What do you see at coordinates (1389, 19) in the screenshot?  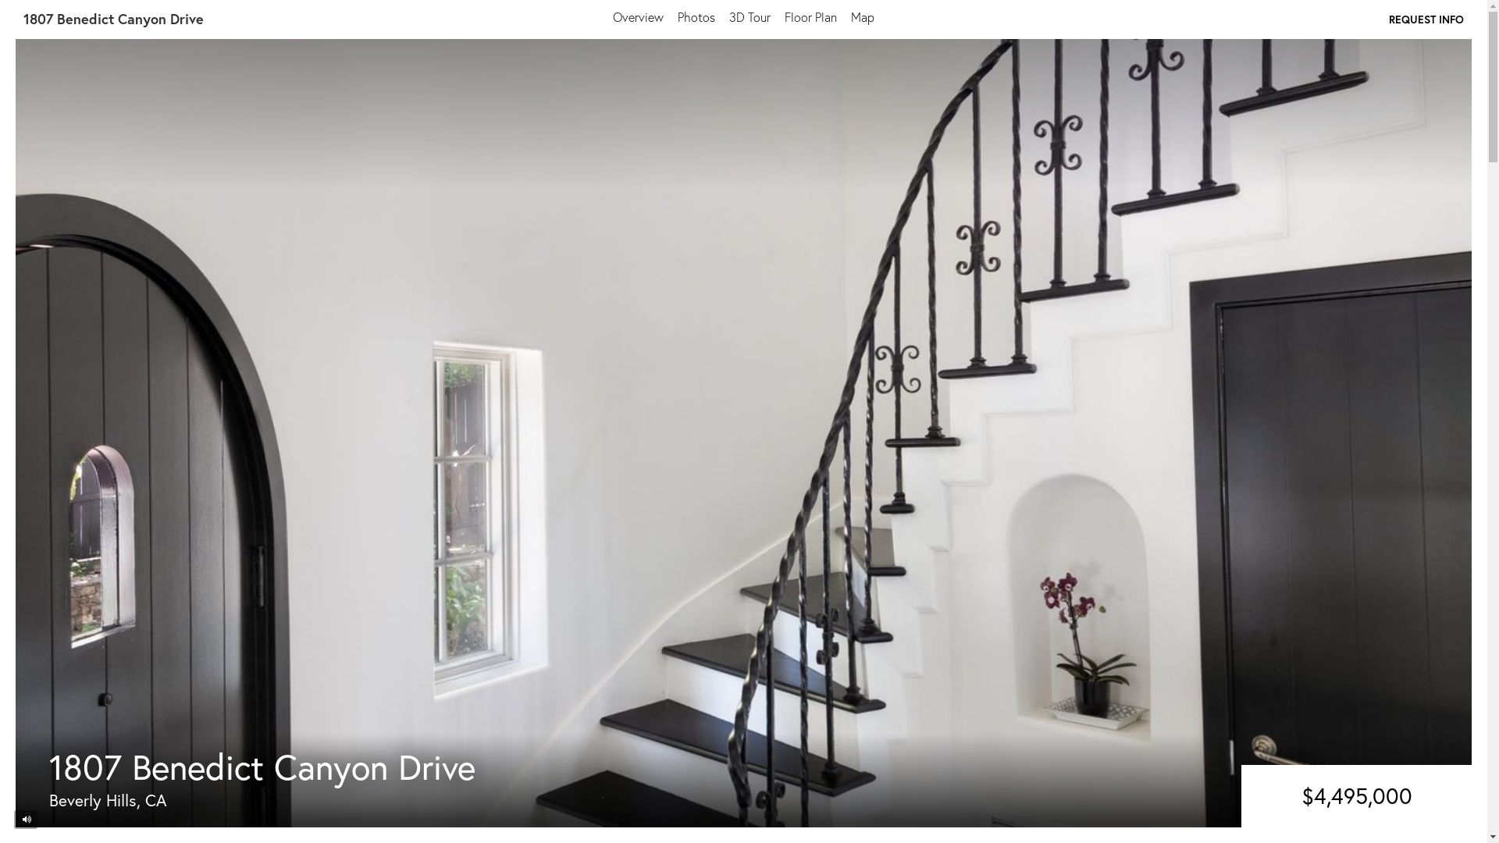 I see `'REQUEST INFO'` at bounding box center [1389, 19].